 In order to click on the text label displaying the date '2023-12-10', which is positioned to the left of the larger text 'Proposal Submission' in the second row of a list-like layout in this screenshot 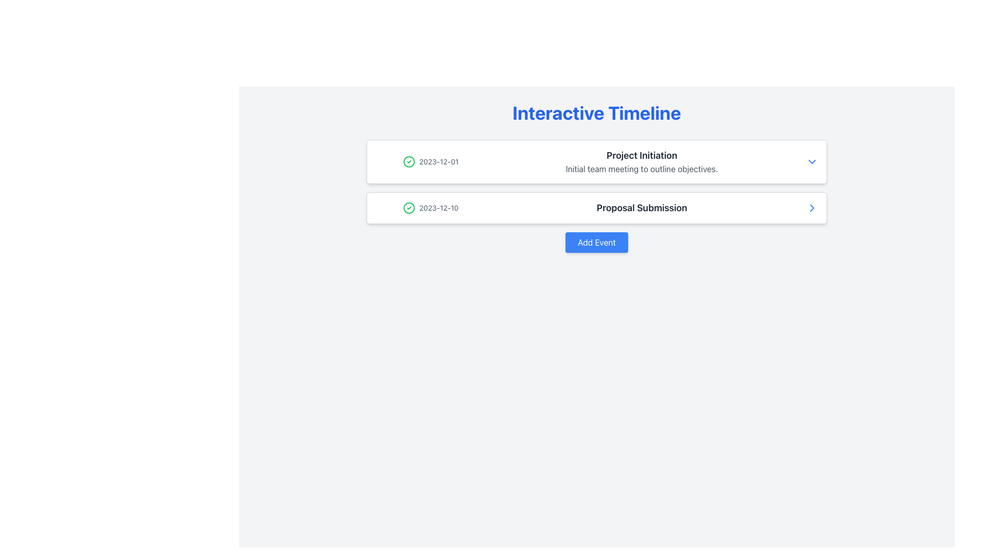, I will do `click(430, 208)`.